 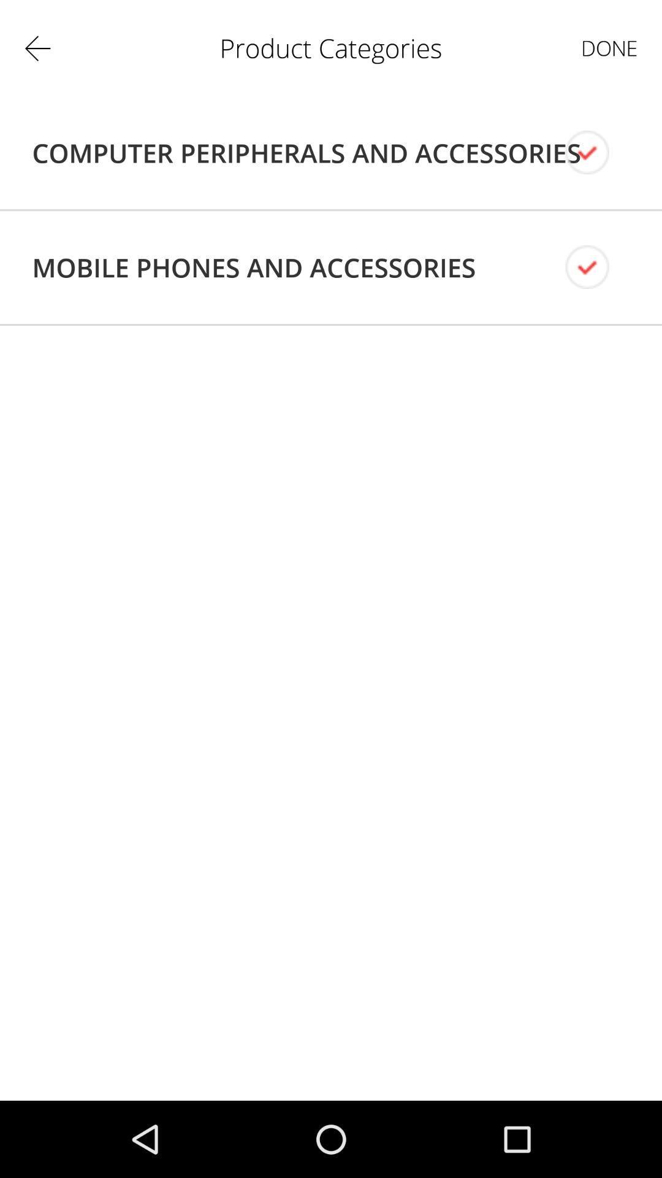 What do you see at coordinates (253, 267) in the screenshot?
I see `the icon below computer peripherals and icon` at bounding box center [253, 267].